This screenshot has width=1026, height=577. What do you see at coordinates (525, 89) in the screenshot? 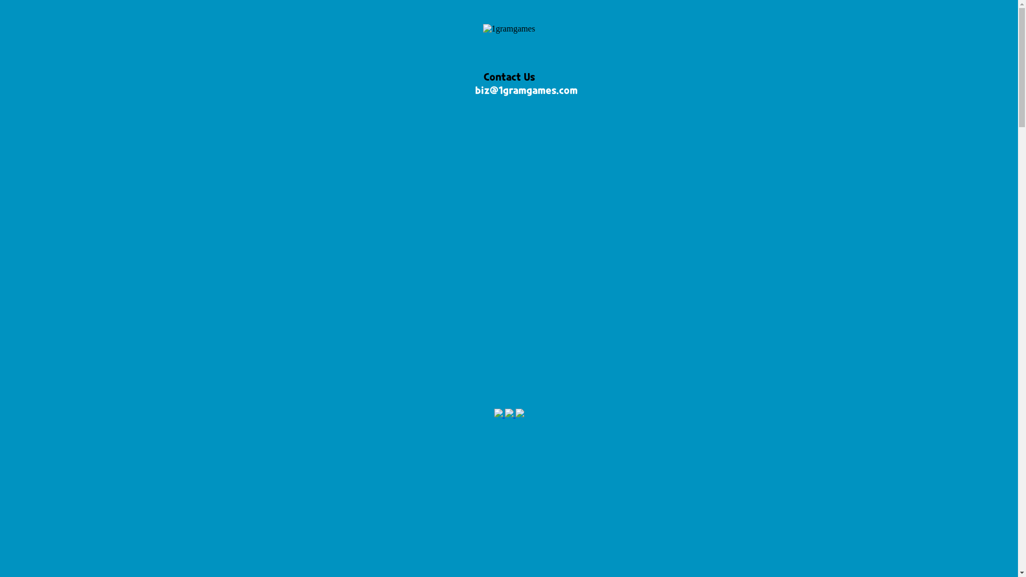
I see `'biz@1gramgames.com'` at bounding box center [525, 89].